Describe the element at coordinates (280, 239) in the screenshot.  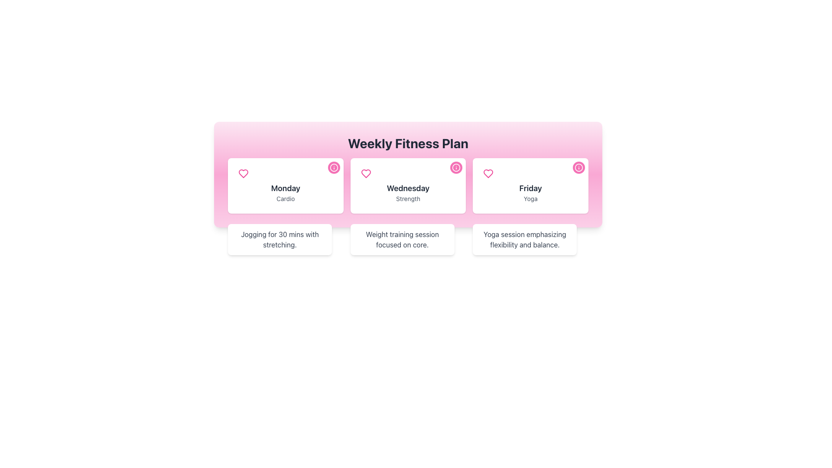
I see `the read-only text element that provides details for 'Jogging for 30 mins with stretching', located below the 'Monday' card in the 'Weekly Fitness Plan' section` at that location.